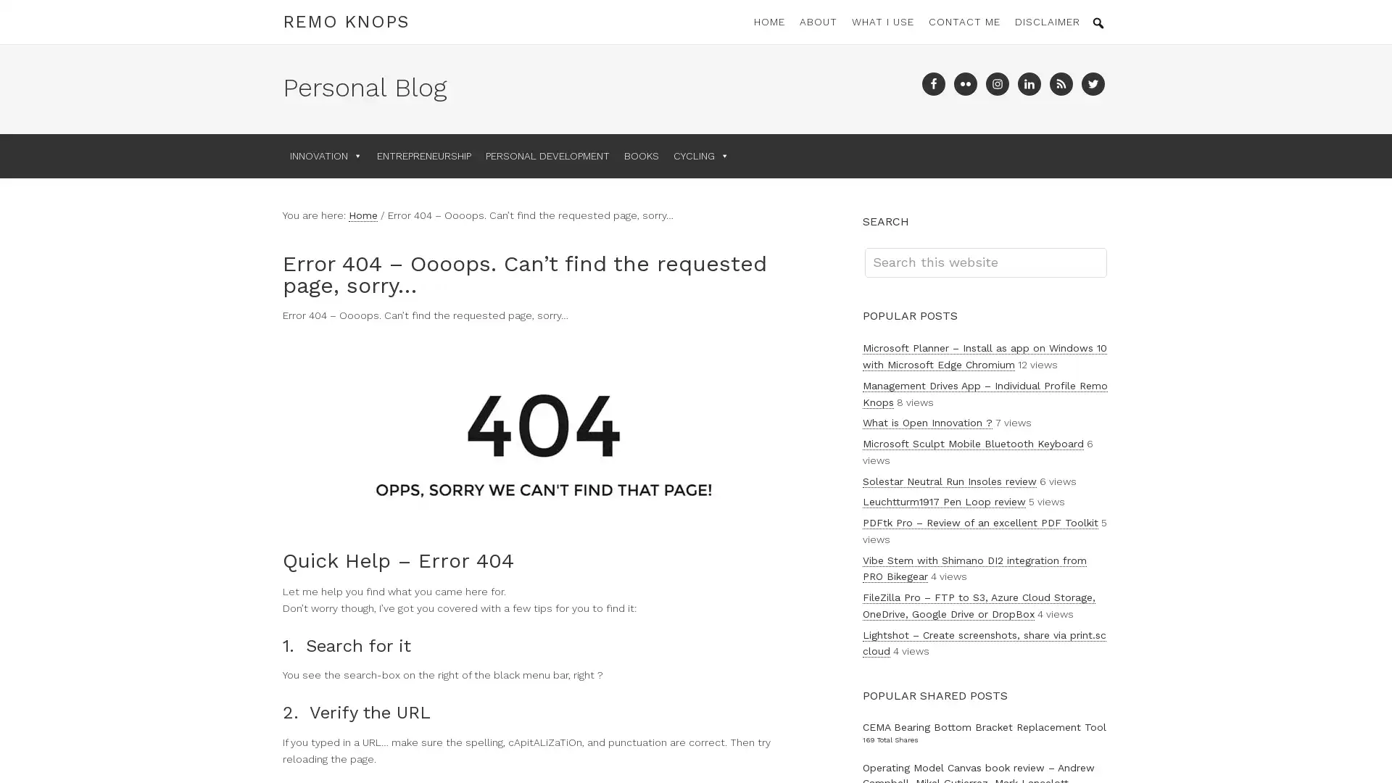 This screenshot has height=783, width=1392. What do you see at coordinates (1106, 246) in the screenshot?
I see `Search` at bounding box center [1106, 246].